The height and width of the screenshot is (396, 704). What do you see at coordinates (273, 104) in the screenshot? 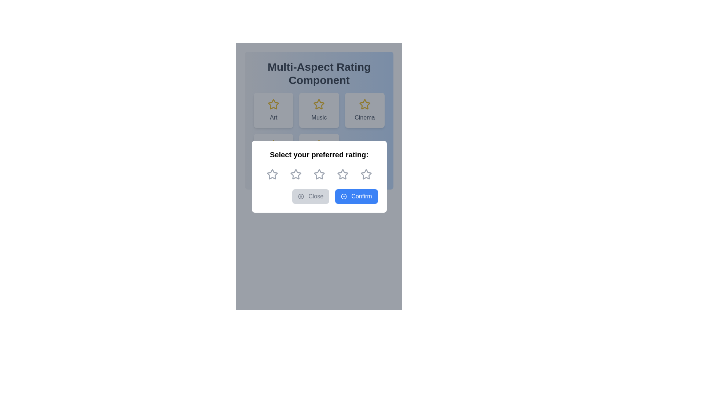
I see `the first star icon in the row of three, which represents a rating for the 'Art' category` at bounding box center [273, 104].